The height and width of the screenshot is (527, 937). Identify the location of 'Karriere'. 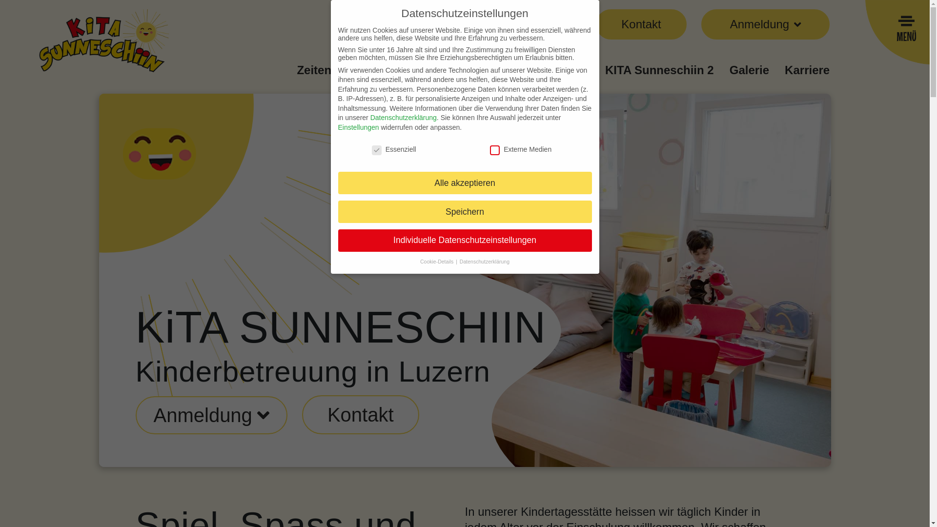
(807, 69).